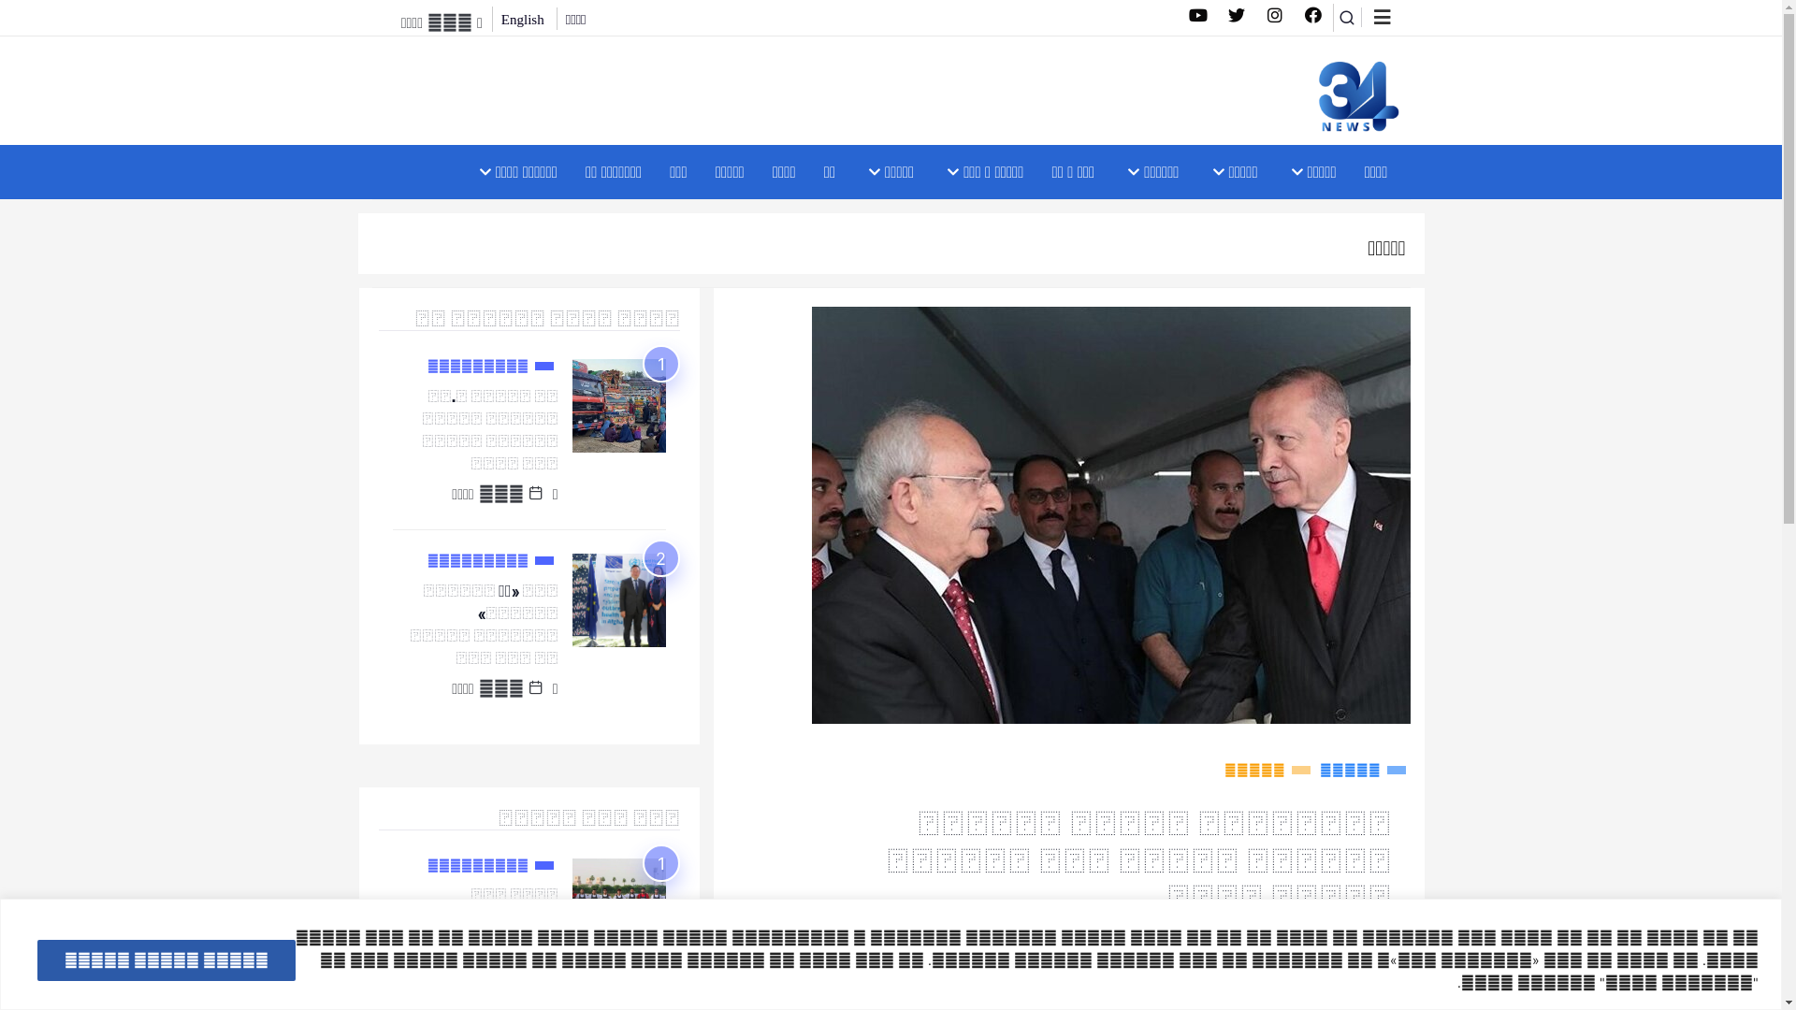 The height and width of the screenshot is (1010, 1796). I want to click on 'English', so click(501, 19).